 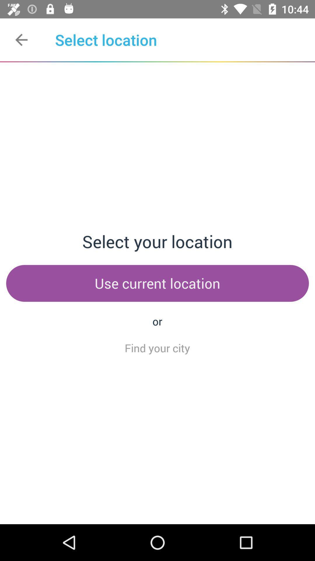 What do you see at coordinates (21, 39) in the screenshot?
I see `the item next to select location item` at bounding box center [21, 39].